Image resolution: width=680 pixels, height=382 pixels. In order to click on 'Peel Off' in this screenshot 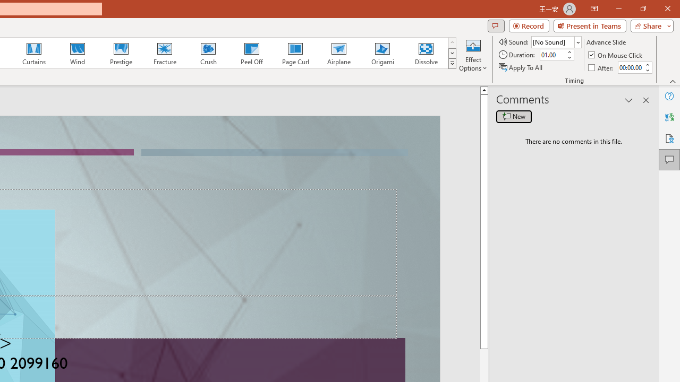, I will do `click(251, 53)`.